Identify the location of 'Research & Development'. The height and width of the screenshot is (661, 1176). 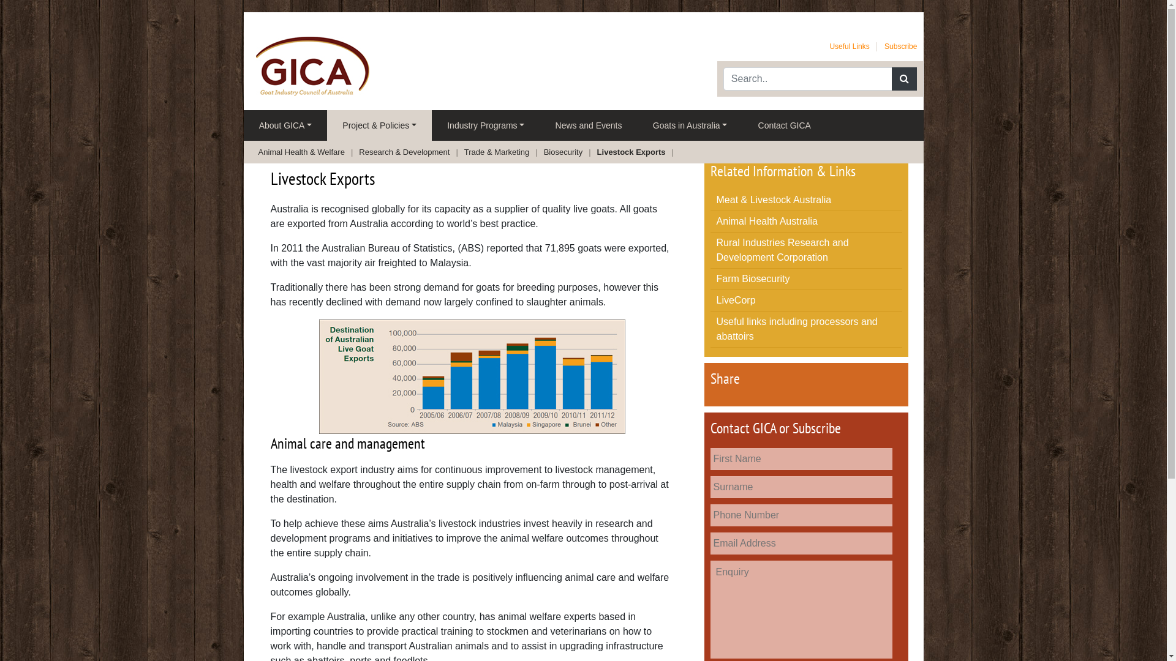
(409, 151).